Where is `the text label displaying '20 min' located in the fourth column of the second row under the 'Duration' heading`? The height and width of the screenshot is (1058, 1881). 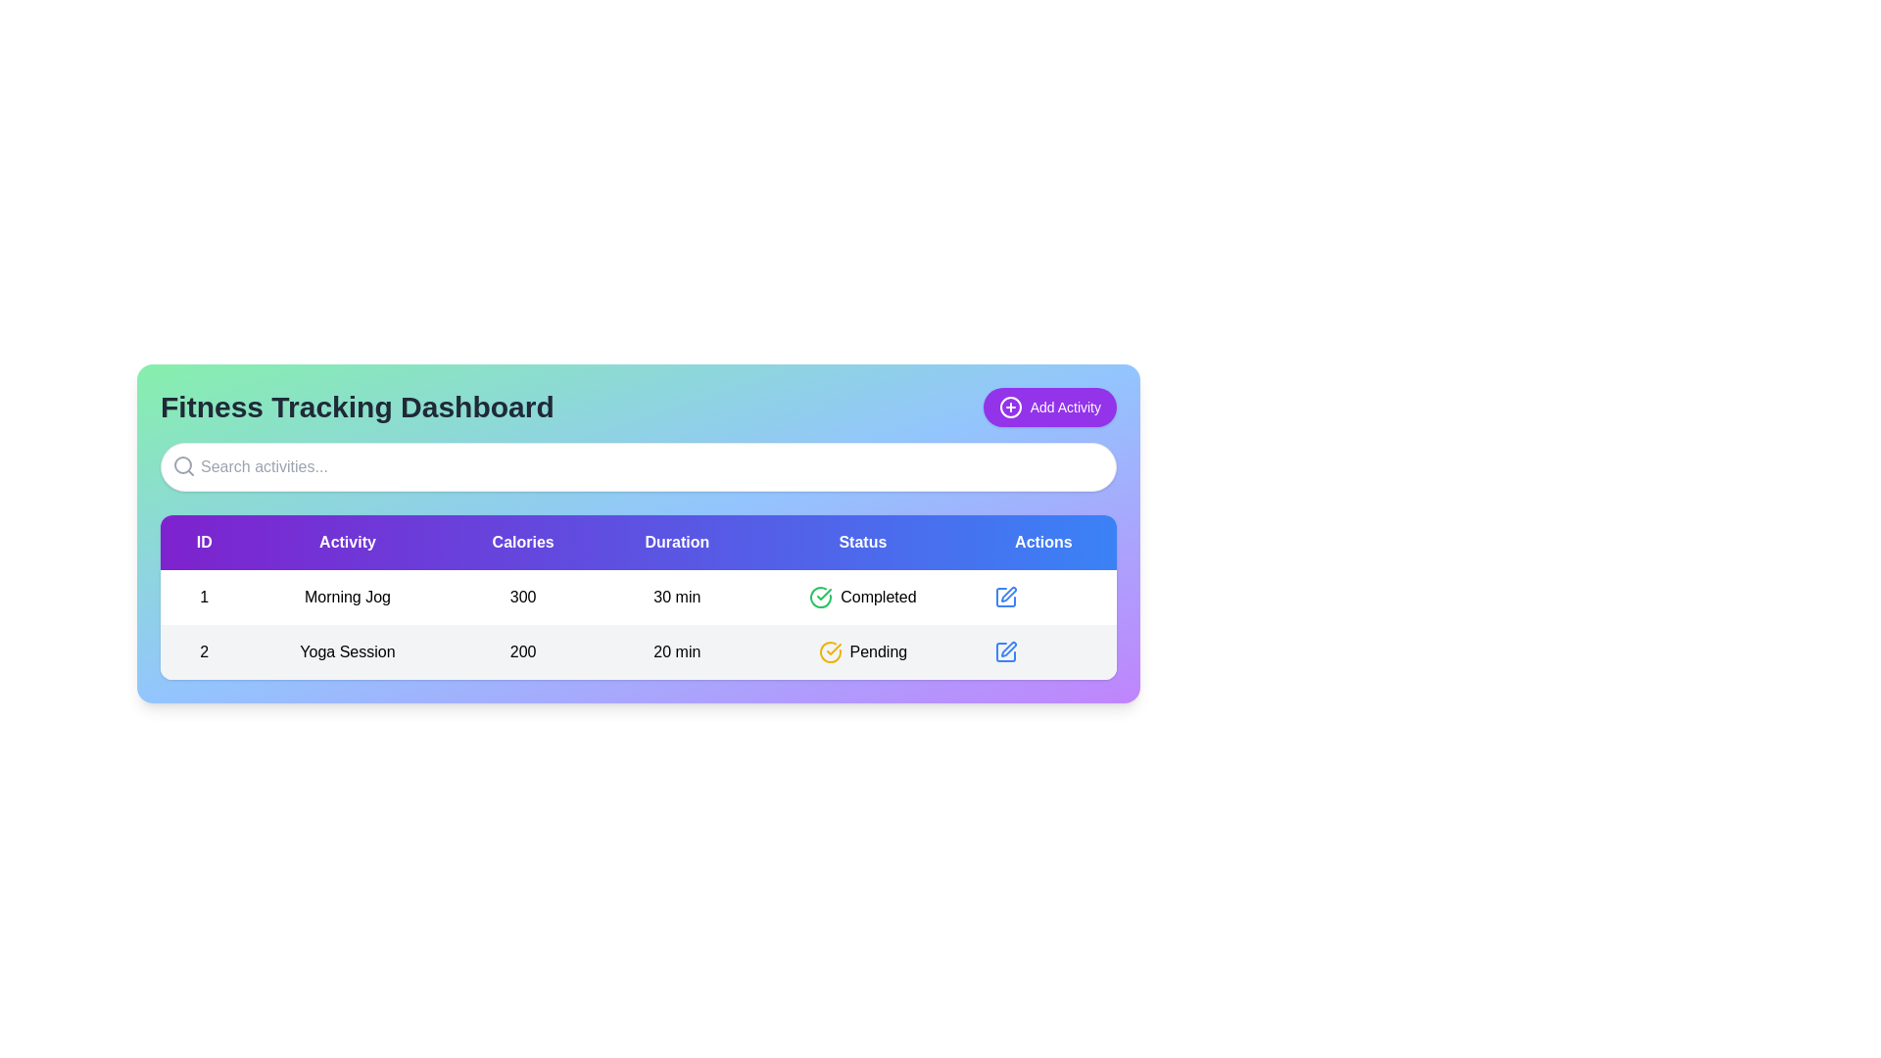
the text label displaying '20 min' located in the fourth column of the second row under the 'Duration' heading is located at coordinates (677, 652).